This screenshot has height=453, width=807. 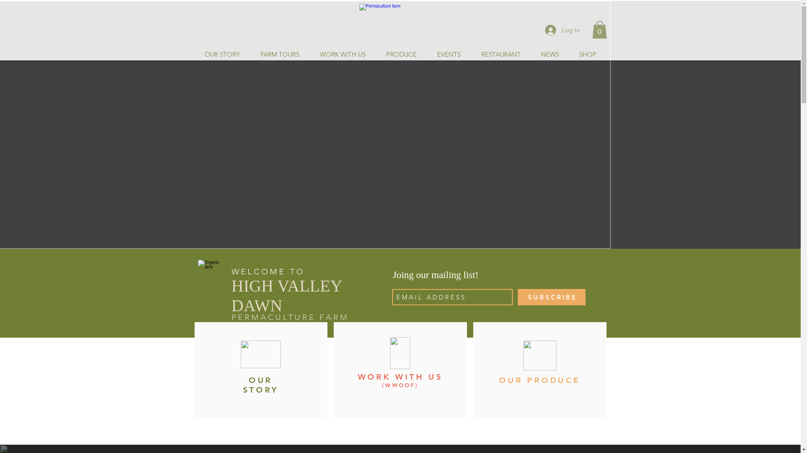 I want to click on 'S U B S C R I B E', so click(x=551, y=297).